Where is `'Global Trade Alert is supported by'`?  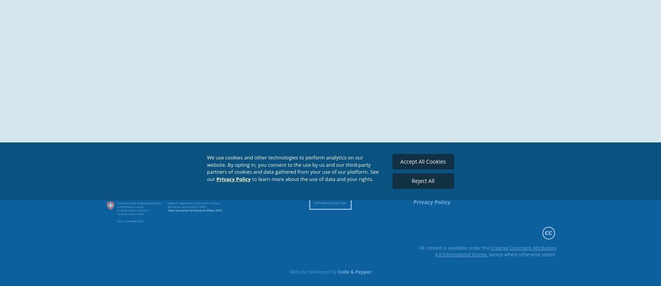 'Global Trade Alert is supported by' is located at coordinates (147, 167).